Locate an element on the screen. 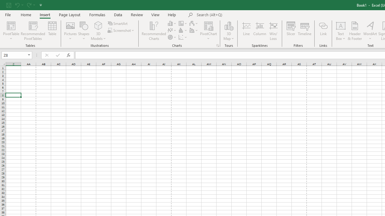 This screenshot has height=216, width=385. 'Slicer...' is located at coordinates (291, 31).